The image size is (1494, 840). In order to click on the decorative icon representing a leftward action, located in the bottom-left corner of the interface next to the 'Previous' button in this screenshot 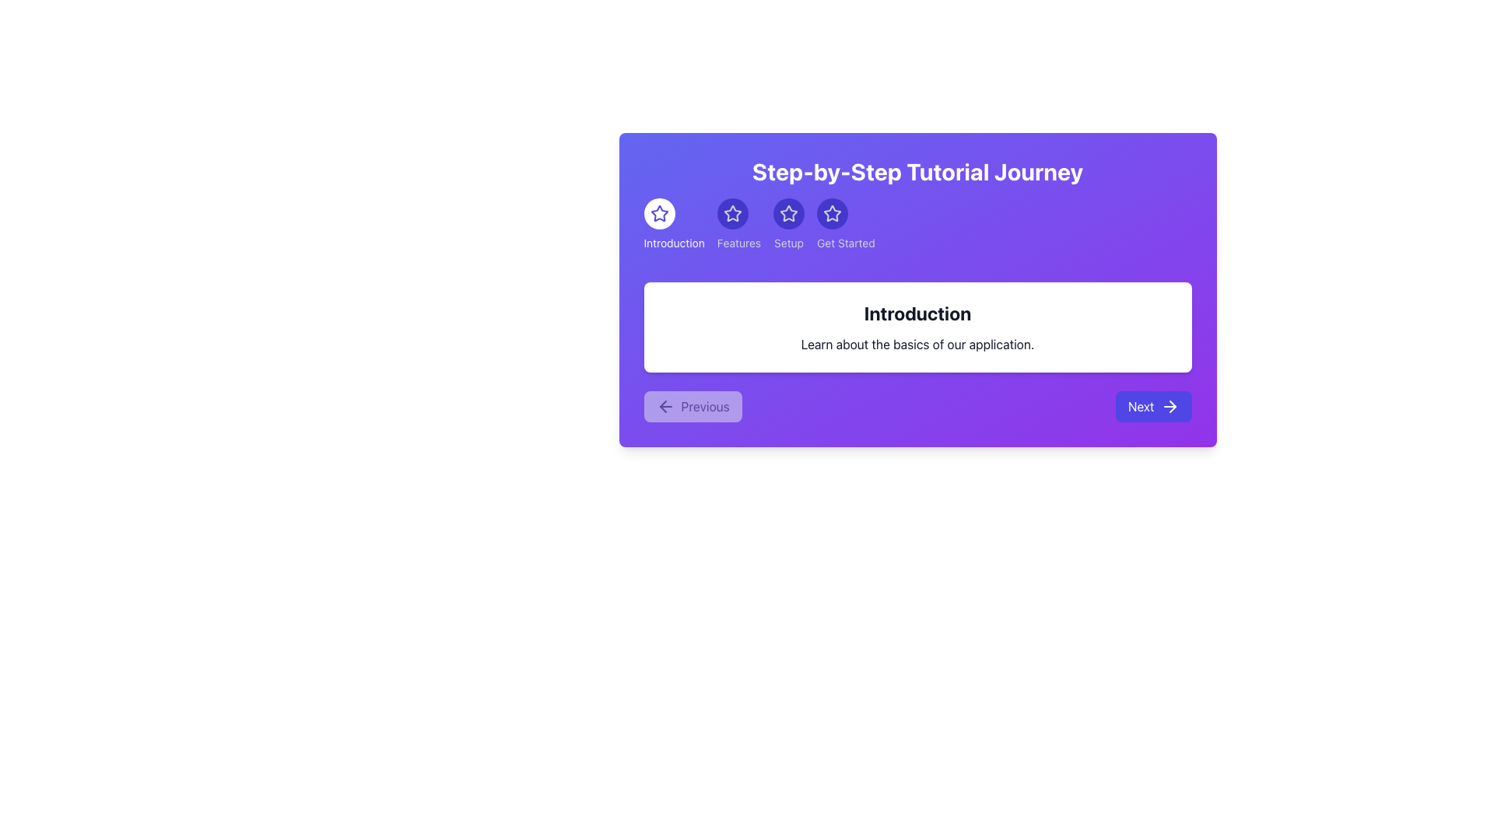, I will do `click(662, 406)`.